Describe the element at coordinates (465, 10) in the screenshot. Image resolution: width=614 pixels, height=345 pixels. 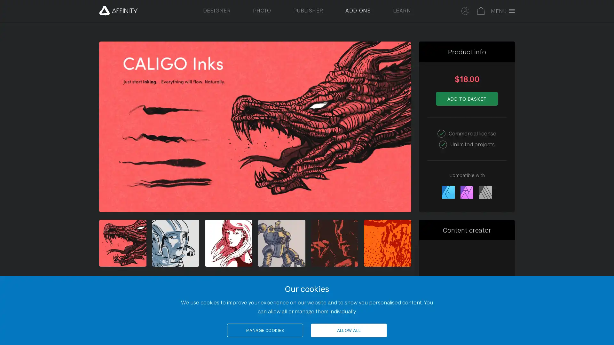
I see `Select to sign in to your Affinity account` at that location.